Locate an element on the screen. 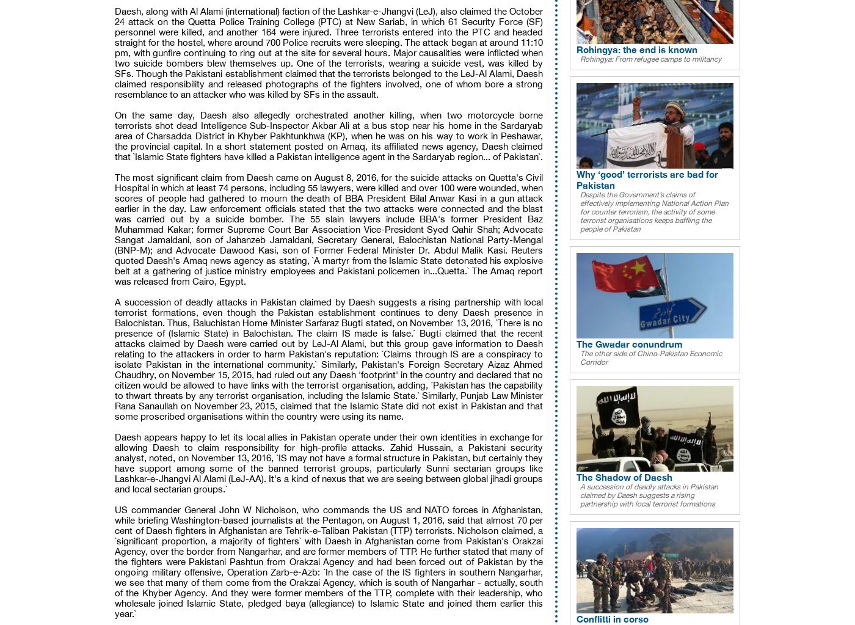 This screenshot has height=625, width=855. 'A succession of deadly attacks in Pakistan claimed by Daesh suggests a rising partnership with local terrorist formations' is located at coordinates (649, 495).